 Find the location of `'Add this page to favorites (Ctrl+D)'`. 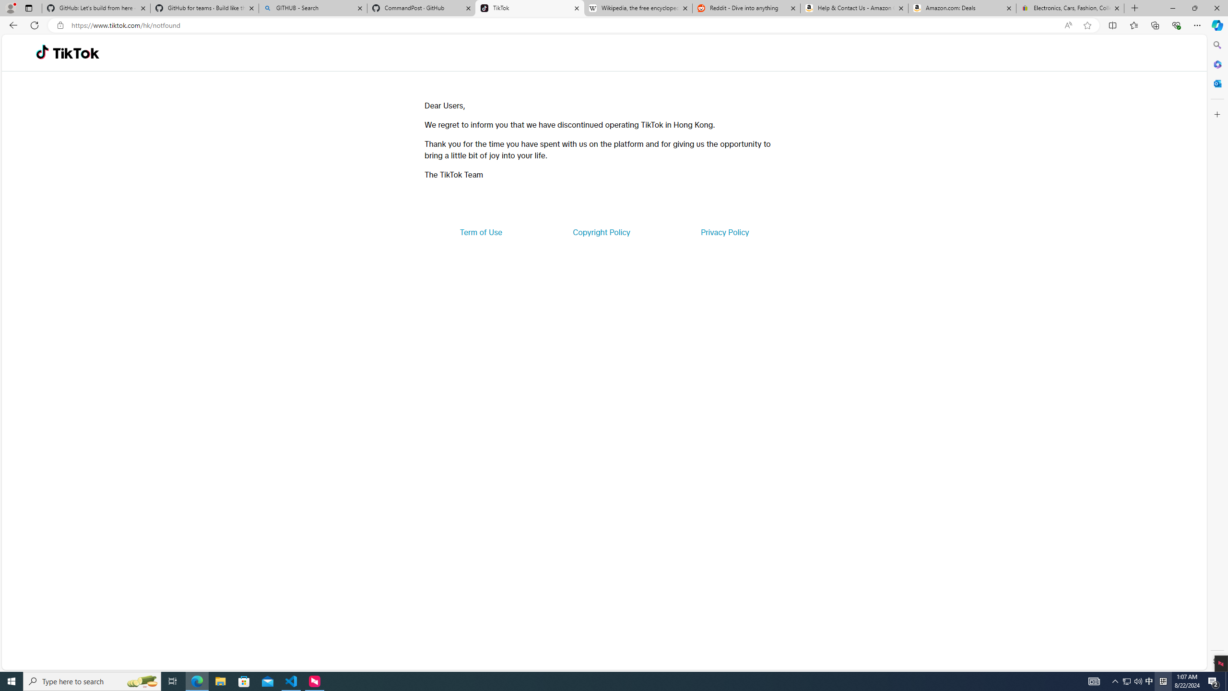

'Add this page to favorites (Ctrl+D)' is located at coordinates (1087, 25).